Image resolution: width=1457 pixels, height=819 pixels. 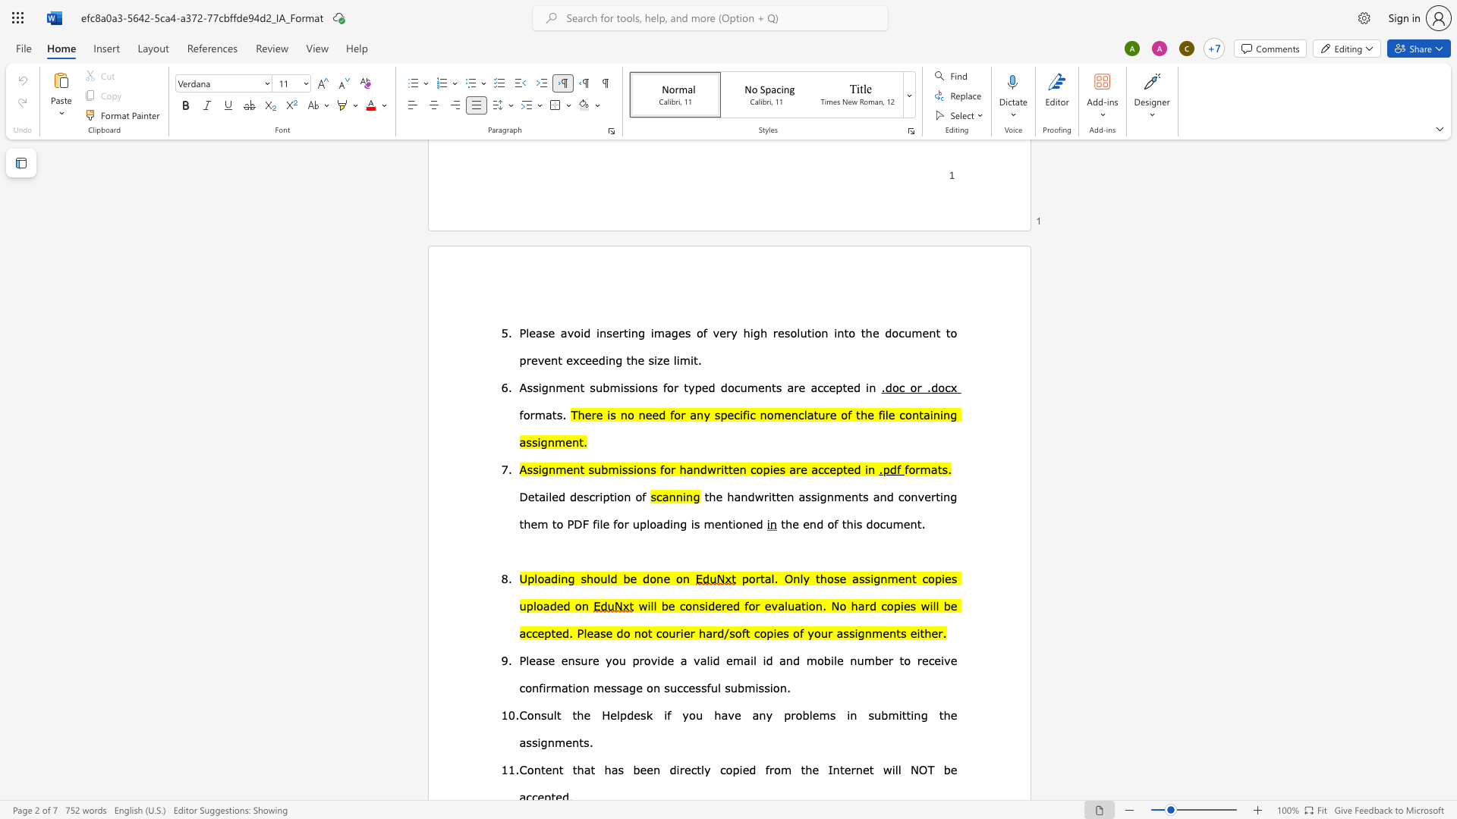 What do you see at coordinates (699, 660) in the screenshot?
I see `the space between the continuous character "v" and "a" in the text` at bounding box center [699, 660].